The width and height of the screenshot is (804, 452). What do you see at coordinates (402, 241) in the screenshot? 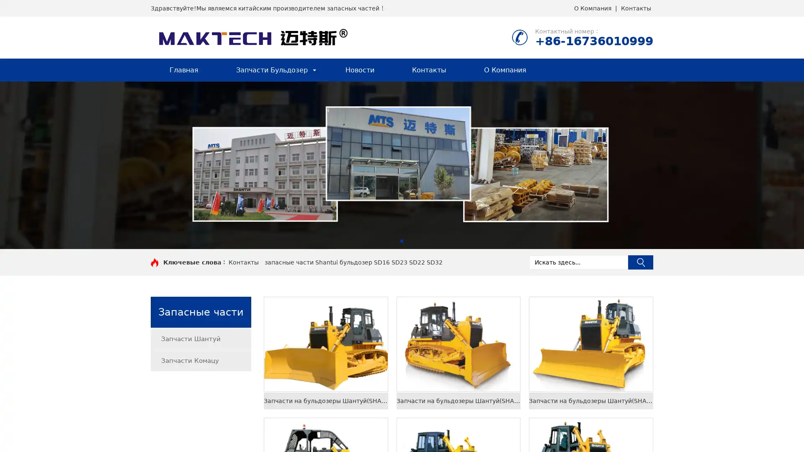
I see `Go to slide 1` at bounding box center [402, 241].